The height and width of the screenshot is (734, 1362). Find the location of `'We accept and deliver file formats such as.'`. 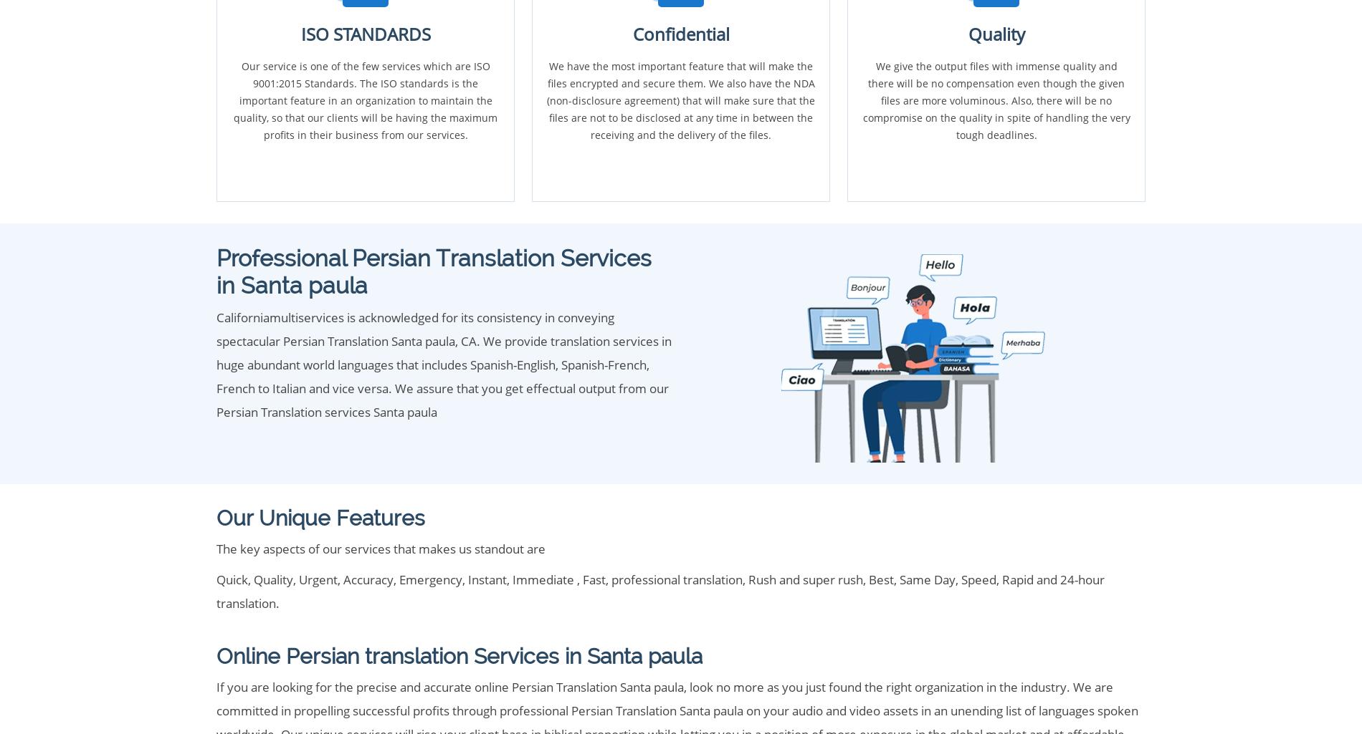

'We accept and deliver file formats such as.' is located at coordinates (318, 448).